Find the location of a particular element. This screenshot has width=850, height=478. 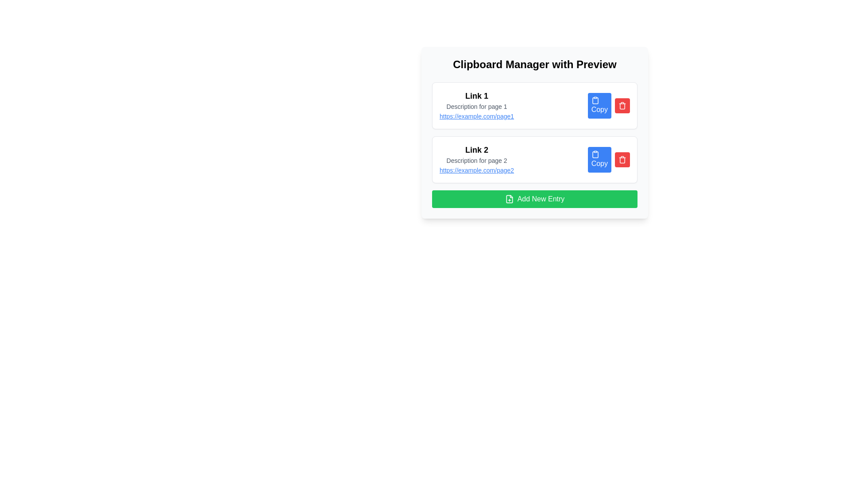

the blue, underlined hyperlink with the text 'https://example.com/page1' located below 'Description for page 1' under the title 'Link 1' is located at coordinates (476, 116).